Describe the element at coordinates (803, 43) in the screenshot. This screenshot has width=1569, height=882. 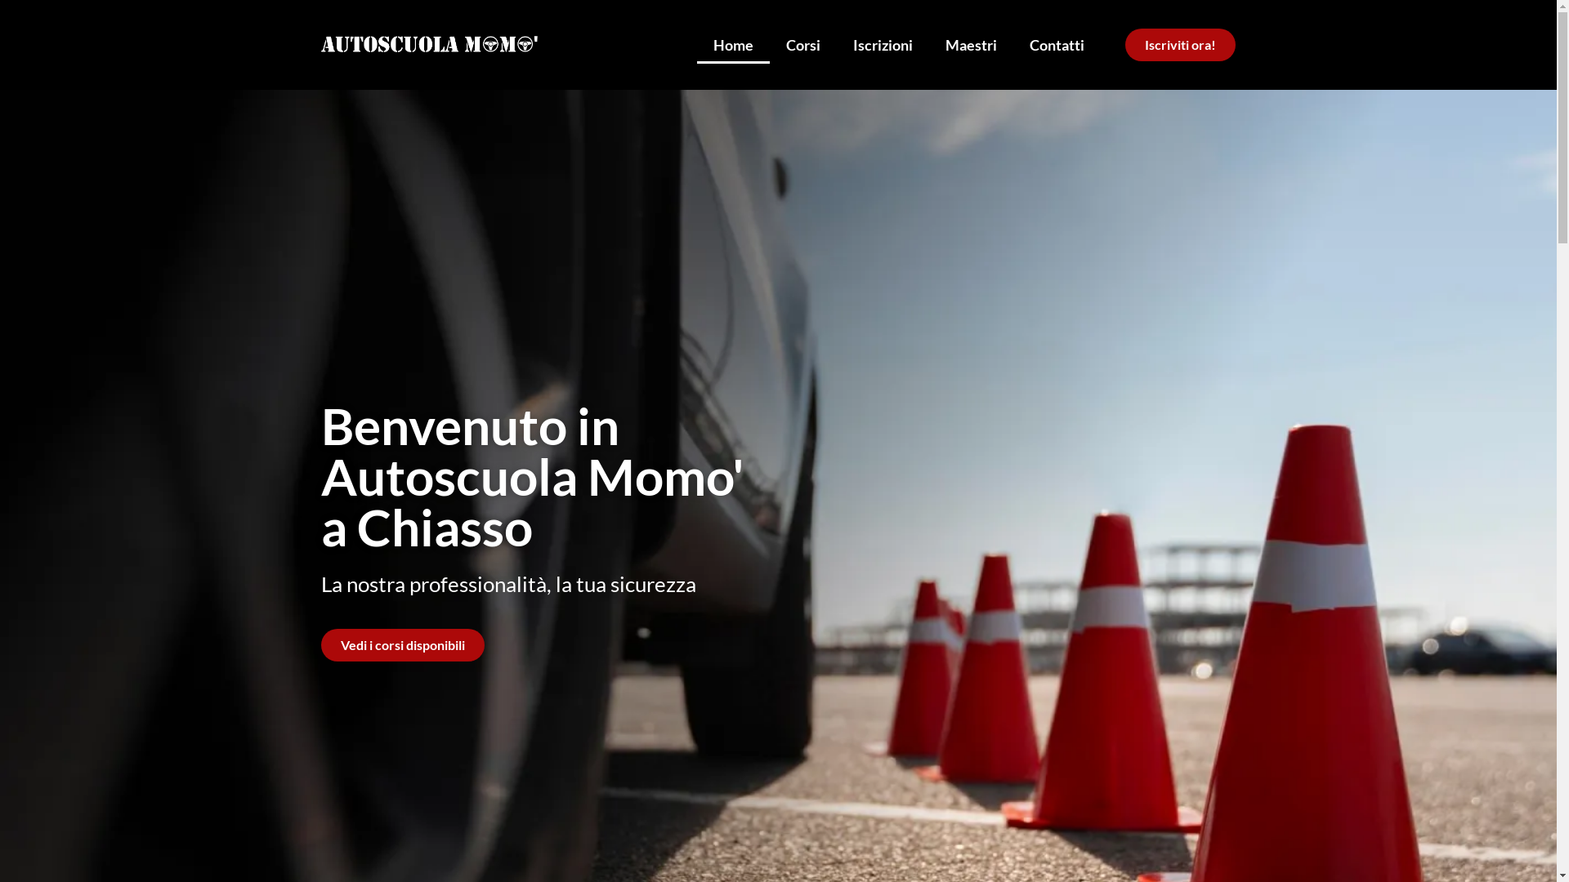
I see `'Corsi'` at that location.